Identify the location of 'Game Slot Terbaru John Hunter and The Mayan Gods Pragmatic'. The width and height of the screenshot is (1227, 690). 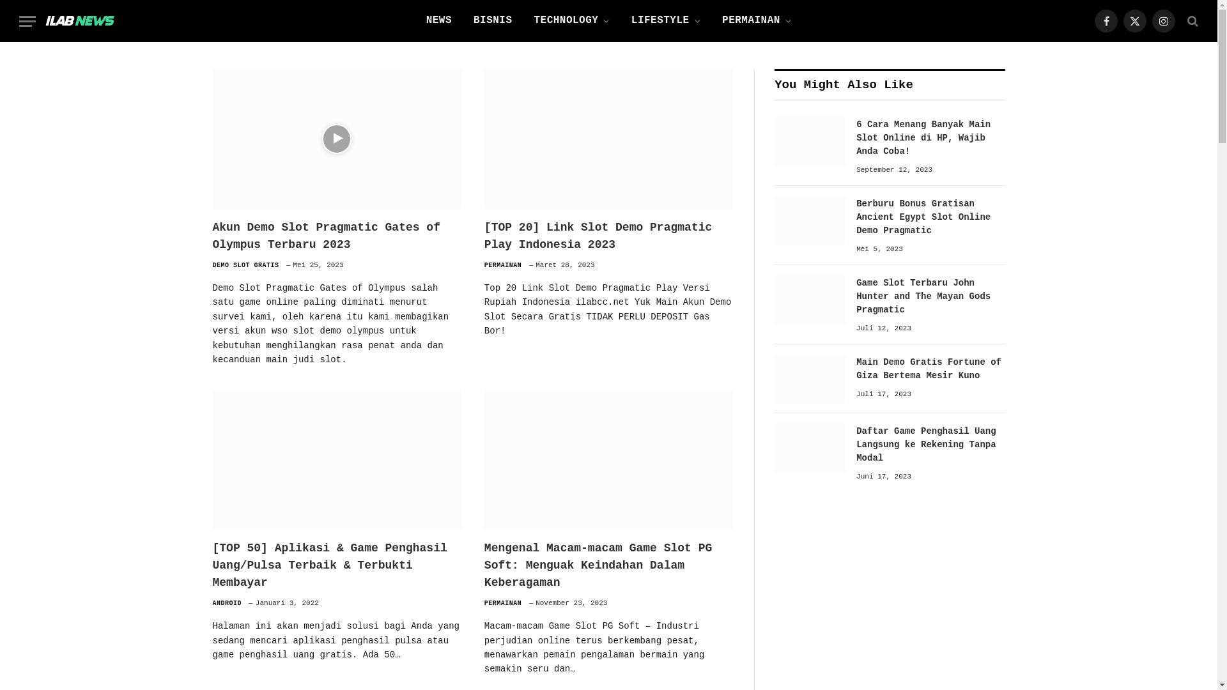
(809, 300).